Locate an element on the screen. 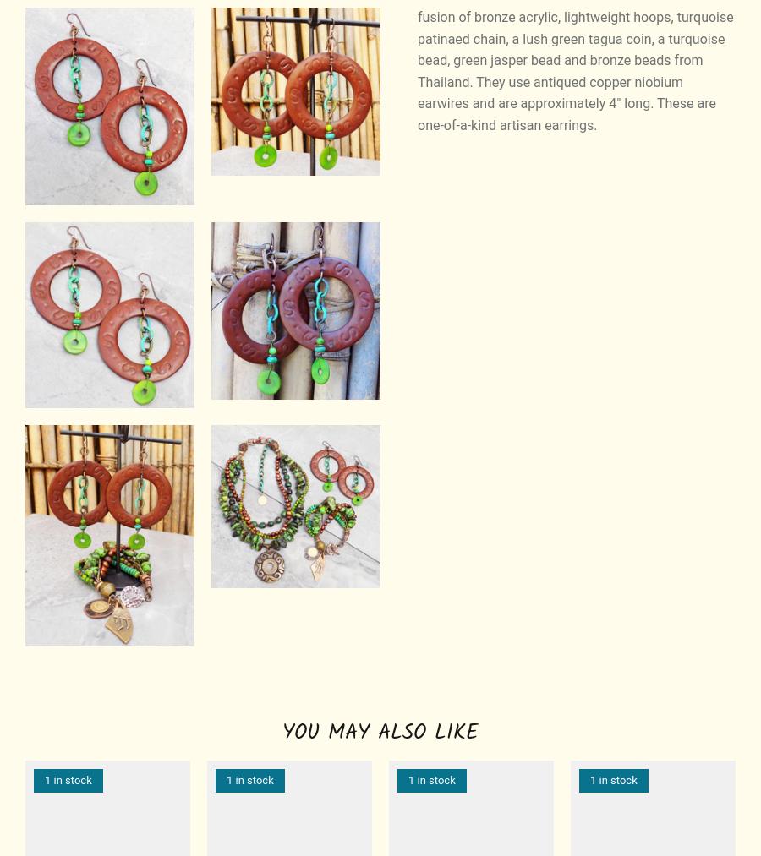  'Comoros' is located at coordinates (548, 701).